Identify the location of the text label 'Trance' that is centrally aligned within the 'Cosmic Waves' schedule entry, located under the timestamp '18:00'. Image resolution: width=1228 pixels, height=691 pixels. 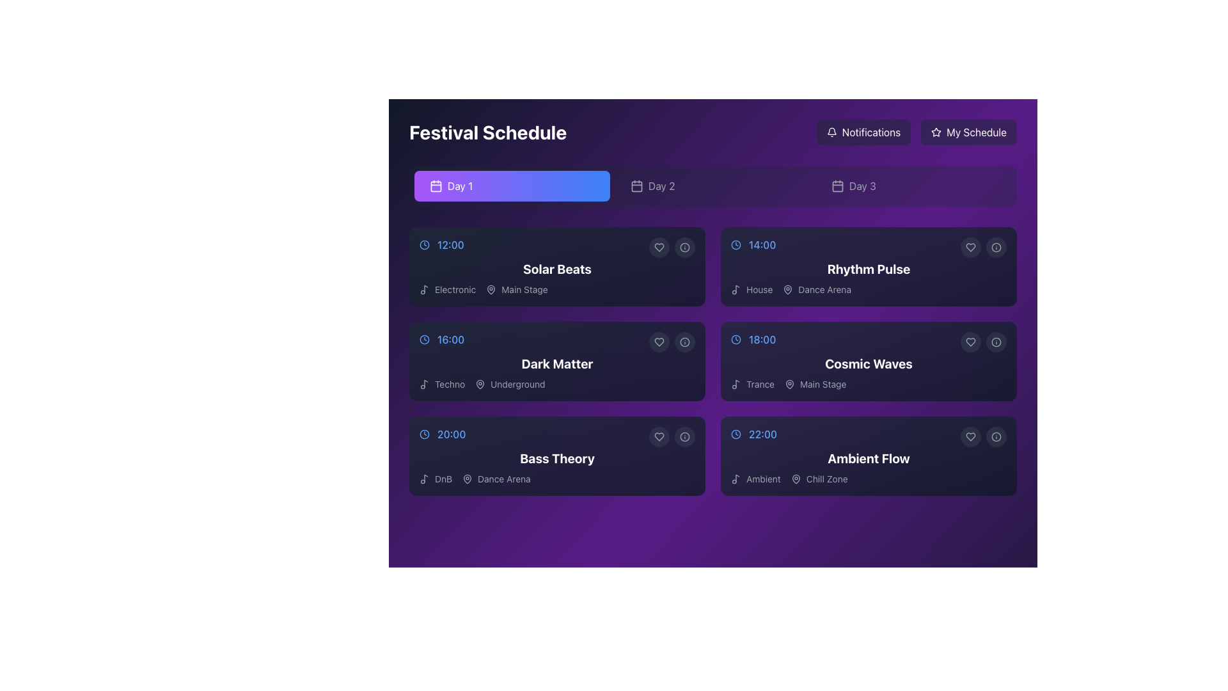
(760, 384).